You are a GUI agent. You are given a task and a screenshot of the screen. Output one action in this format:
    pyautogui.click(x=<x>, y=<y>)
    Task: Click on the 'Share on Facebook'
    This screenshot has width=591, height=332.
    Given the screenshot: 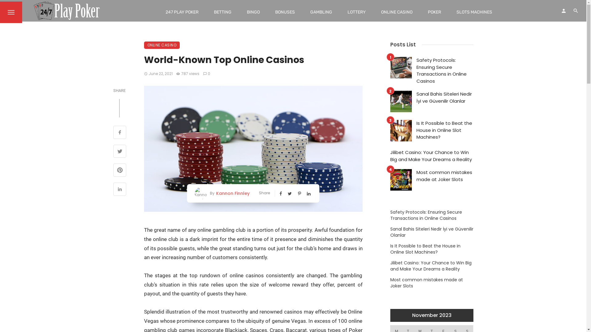 What is the action you would take?
    pyautogui.click(x=120, y=132)
    